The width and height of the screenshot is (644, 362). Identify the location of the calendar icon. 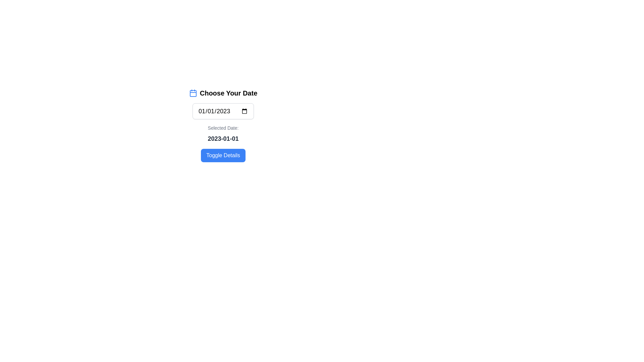
(193, 93).